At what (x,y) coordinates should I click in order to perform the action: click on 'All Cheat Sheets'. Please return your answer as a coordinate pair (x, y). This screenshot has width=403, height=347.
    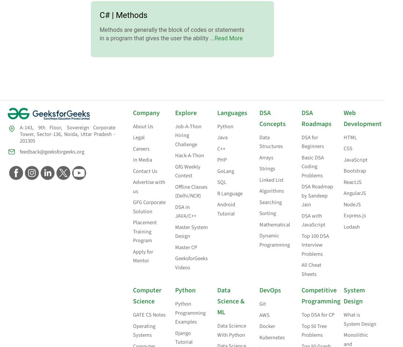
    Looking at the image, I should click on (302, 269).